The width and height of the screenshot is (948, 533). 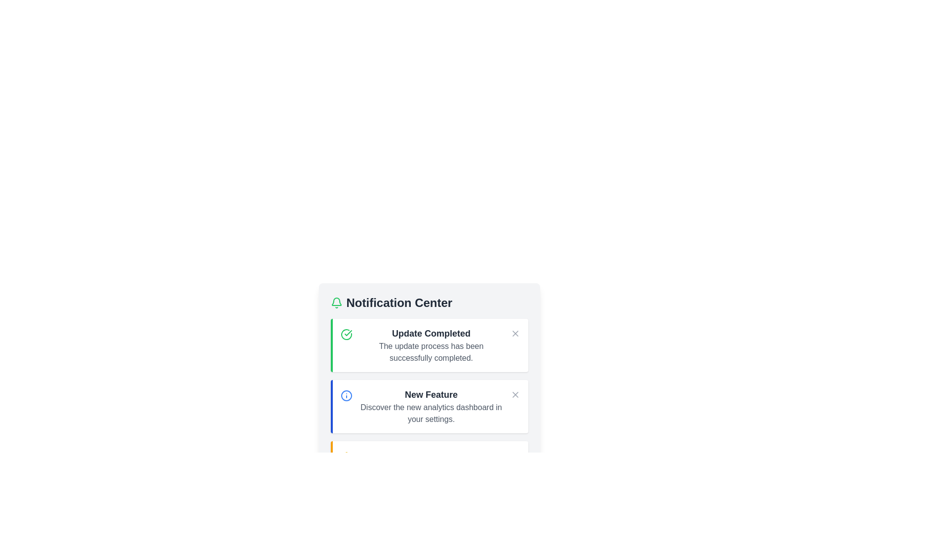 I want to click on the first notification in the Notification Center, which displays the headline 'Update Completed' and description 'The update process has been successfully completed.', so click(x=431, y=344).